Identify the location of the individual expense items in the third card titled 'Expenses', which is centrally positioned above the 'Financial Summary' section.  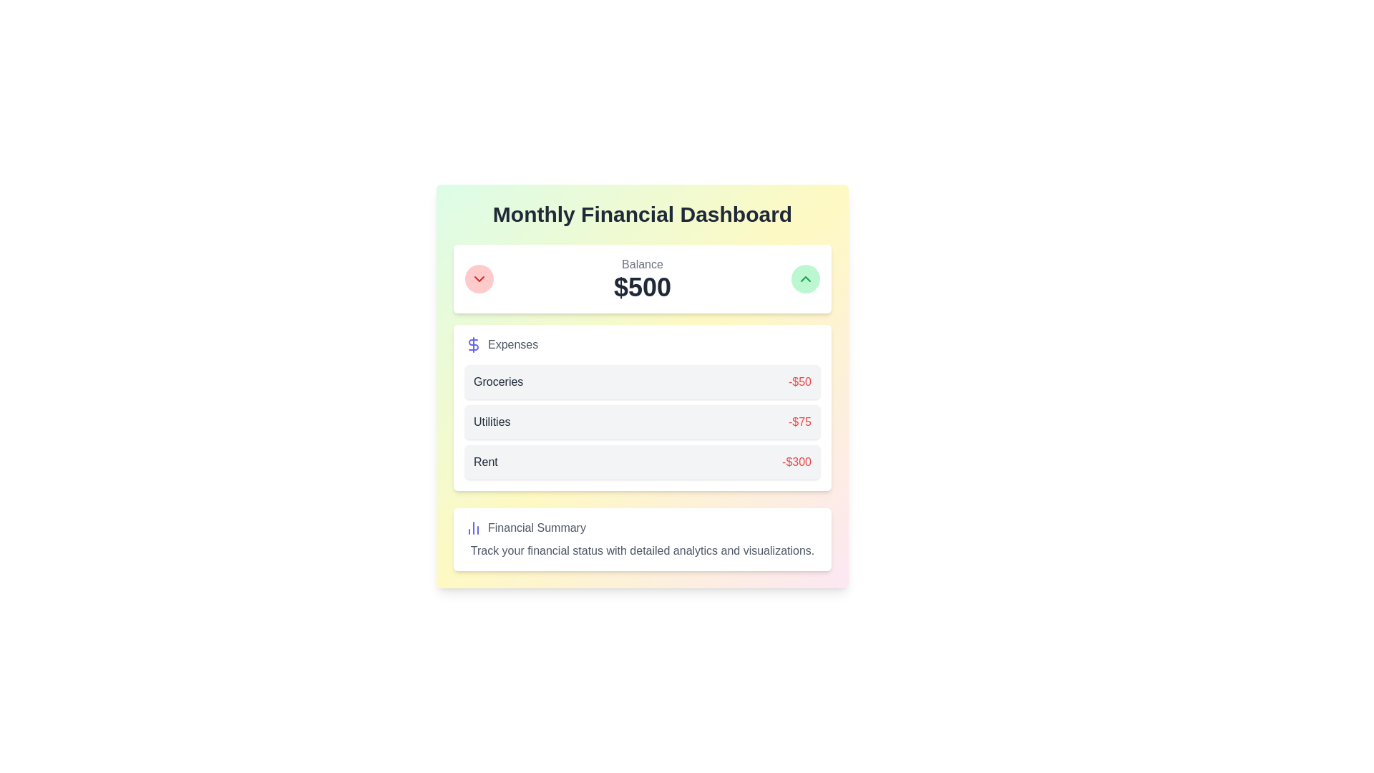
(641, 408).